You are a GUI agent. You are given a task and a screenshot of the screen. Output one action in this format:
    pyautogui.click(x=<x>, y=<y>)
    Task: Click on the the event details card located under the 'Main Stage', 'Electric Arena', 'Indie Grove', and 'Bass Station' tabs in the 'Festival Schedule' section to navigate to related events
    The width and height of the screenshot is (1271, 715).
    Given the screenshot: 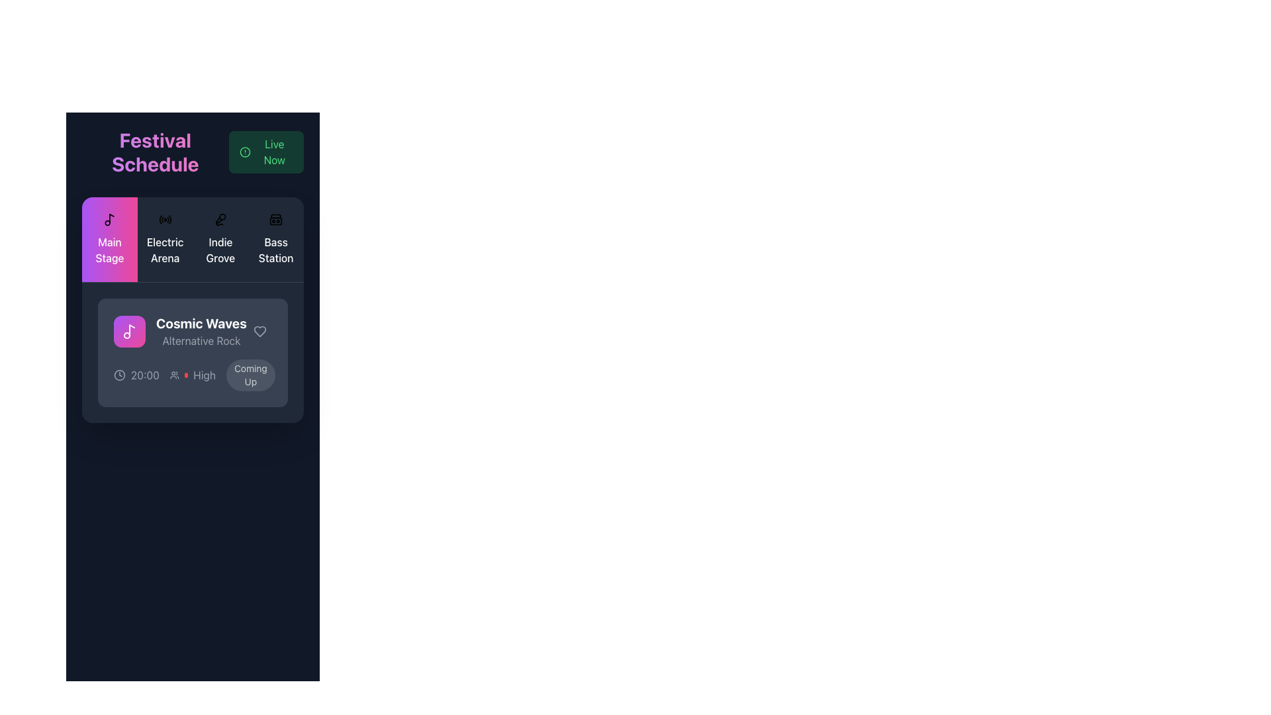 What is the action you would take?
    pyautogui.click(x=192, y=310)
    